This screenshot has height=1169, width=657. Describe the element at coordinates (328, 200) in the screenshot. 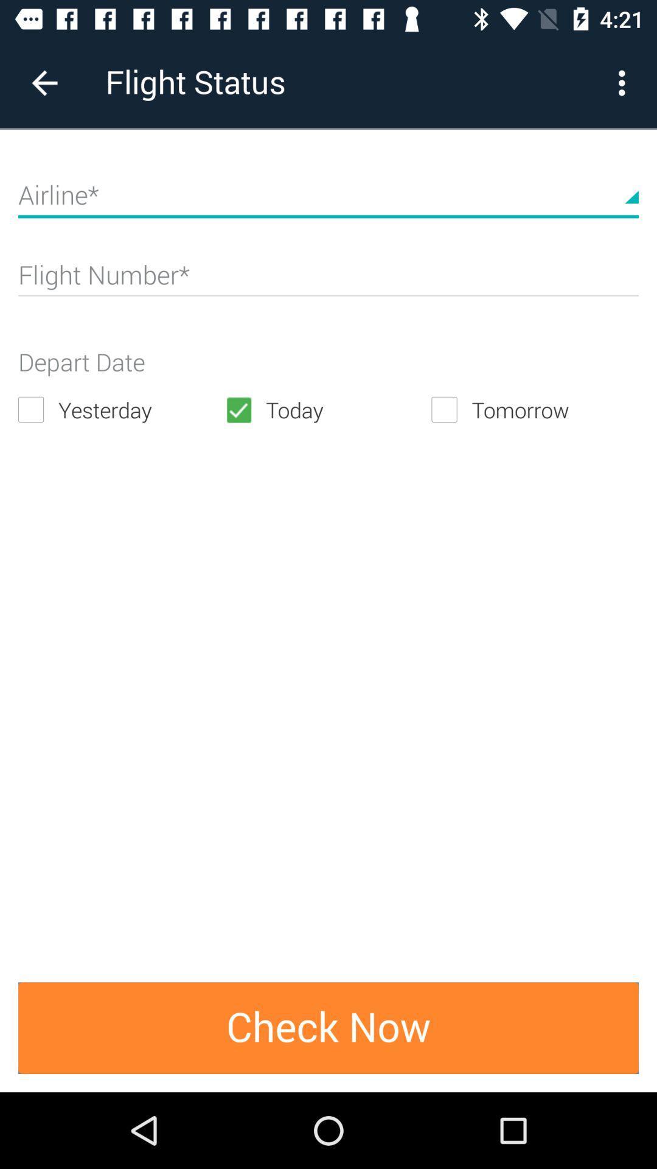

I see `name of airline` at that location.